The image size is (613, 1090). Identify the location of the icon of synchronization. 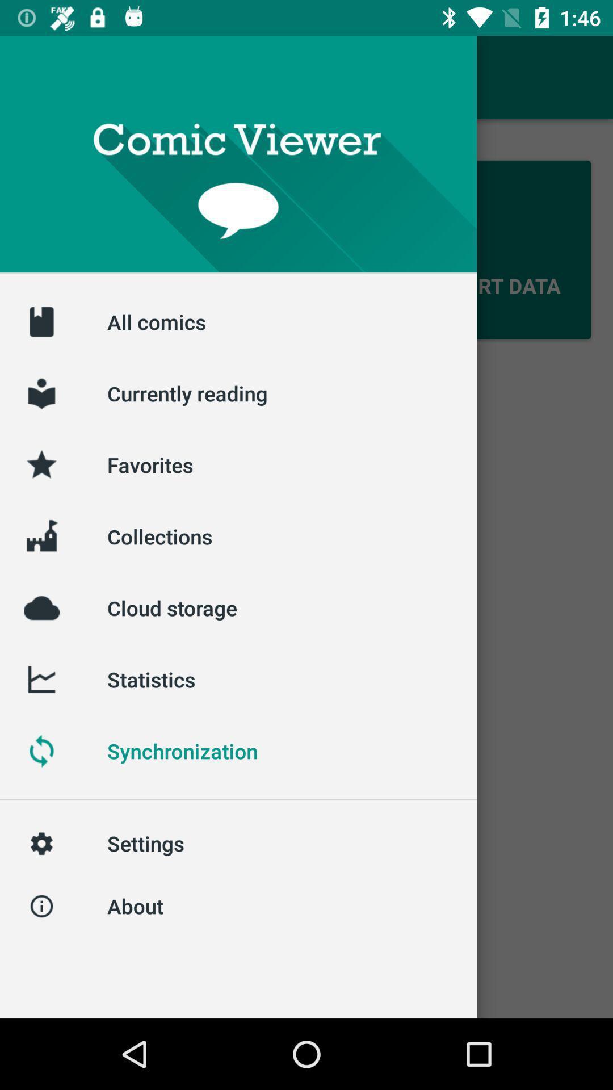
(41, 751).